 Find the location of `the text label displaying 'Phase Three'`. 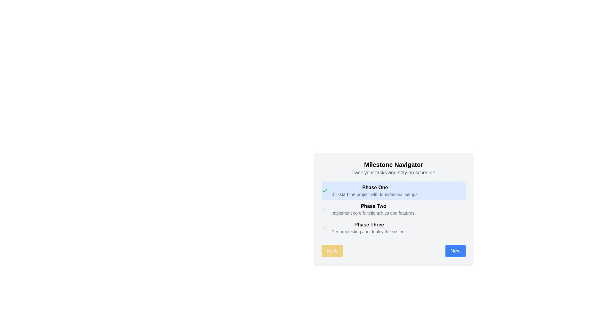

the text label displaying 'Phase Three' is located at coordinates (369, 225).